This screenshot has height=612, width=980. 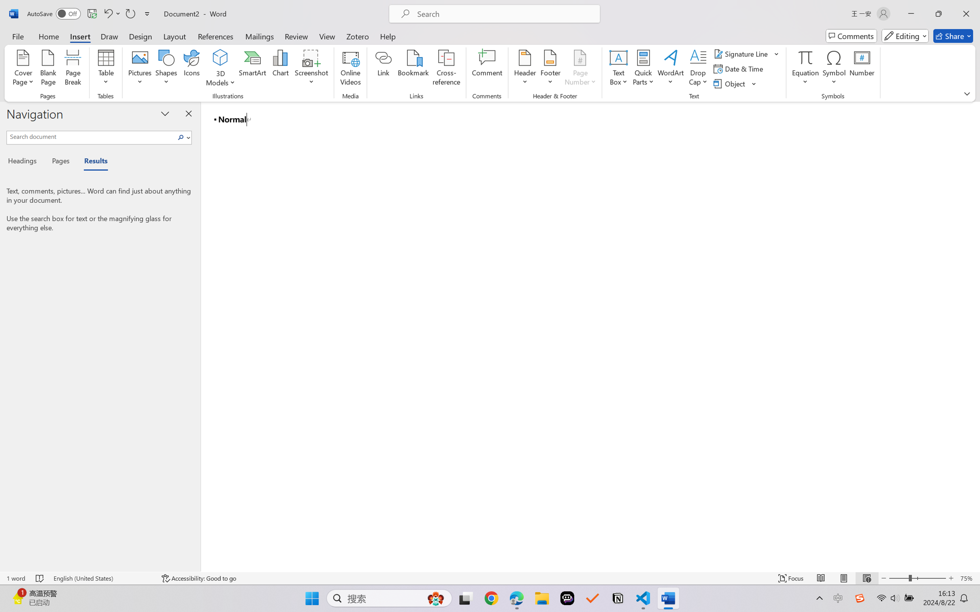 I want to click on 'SmartArt...', so click(x=253, y=69).